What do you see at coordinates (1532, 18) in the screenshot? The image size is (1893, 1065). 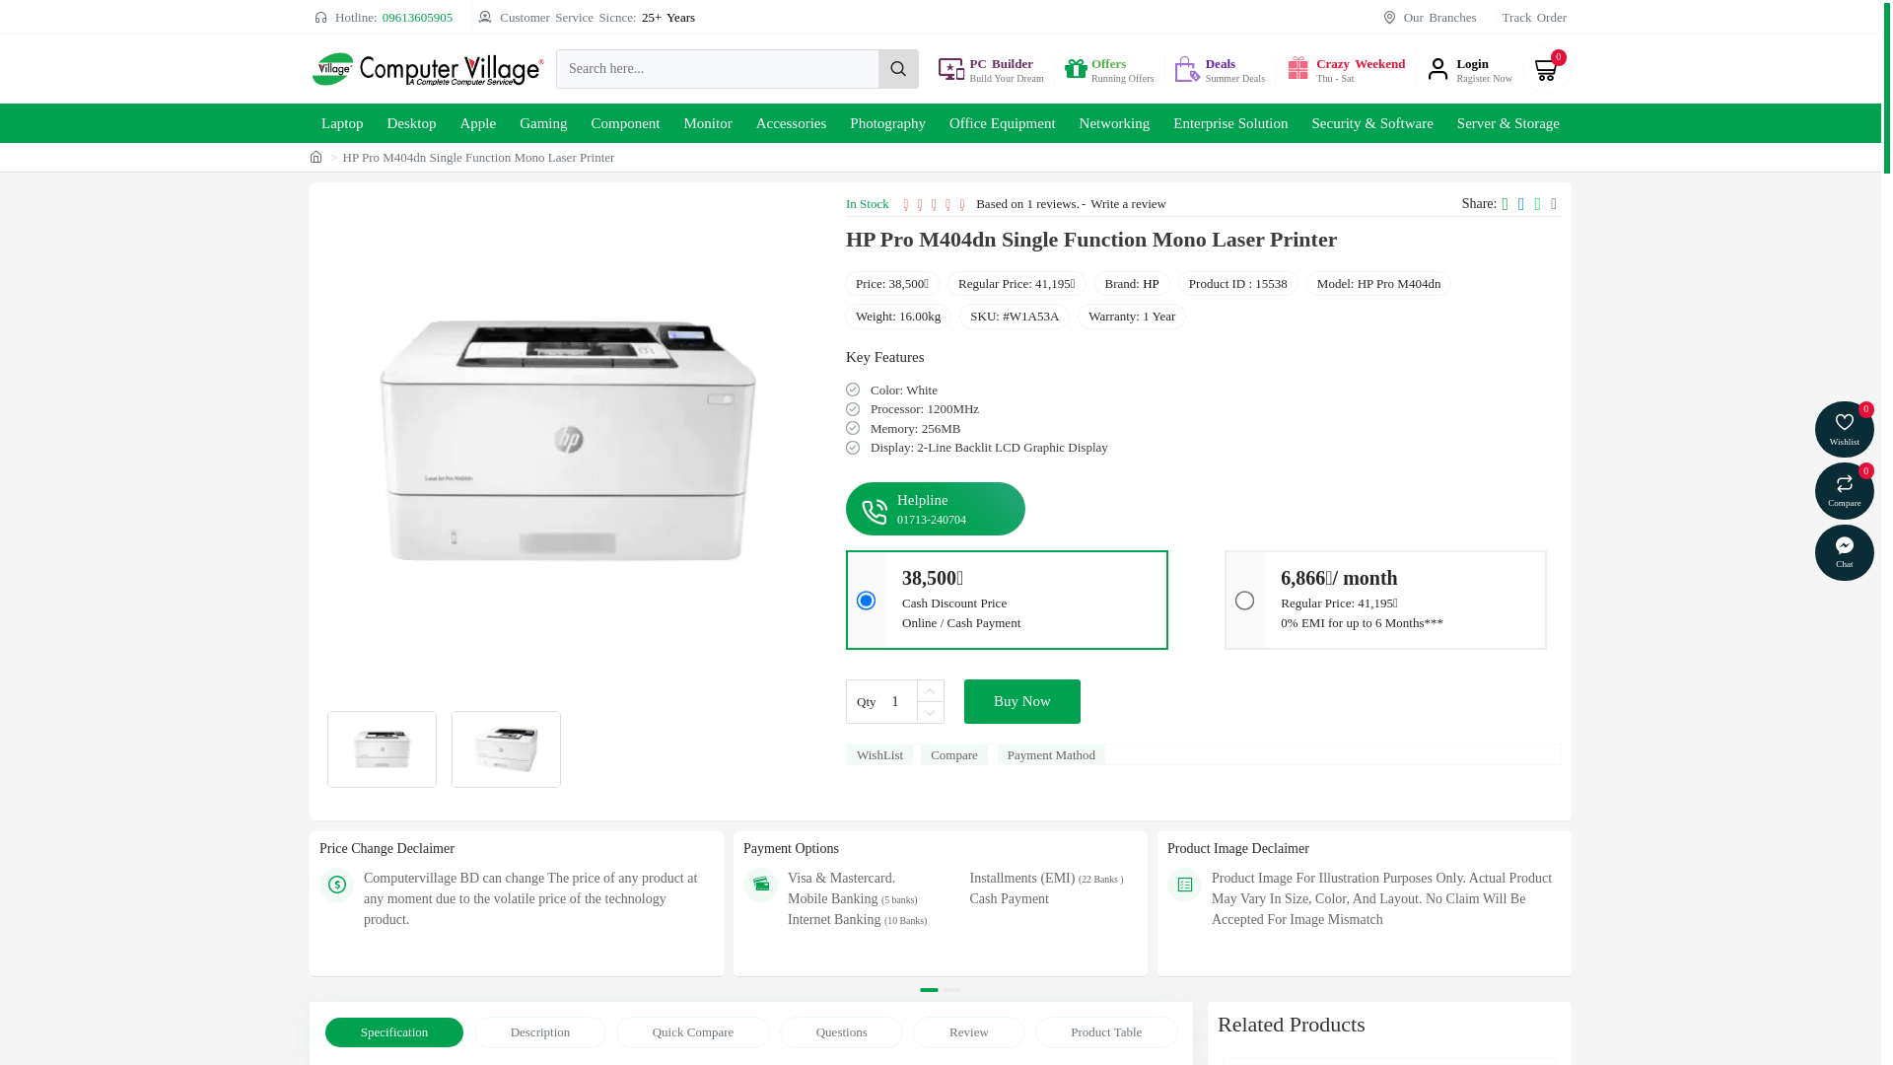 I see `'Track Order'` at bounding box center [1532, 18].